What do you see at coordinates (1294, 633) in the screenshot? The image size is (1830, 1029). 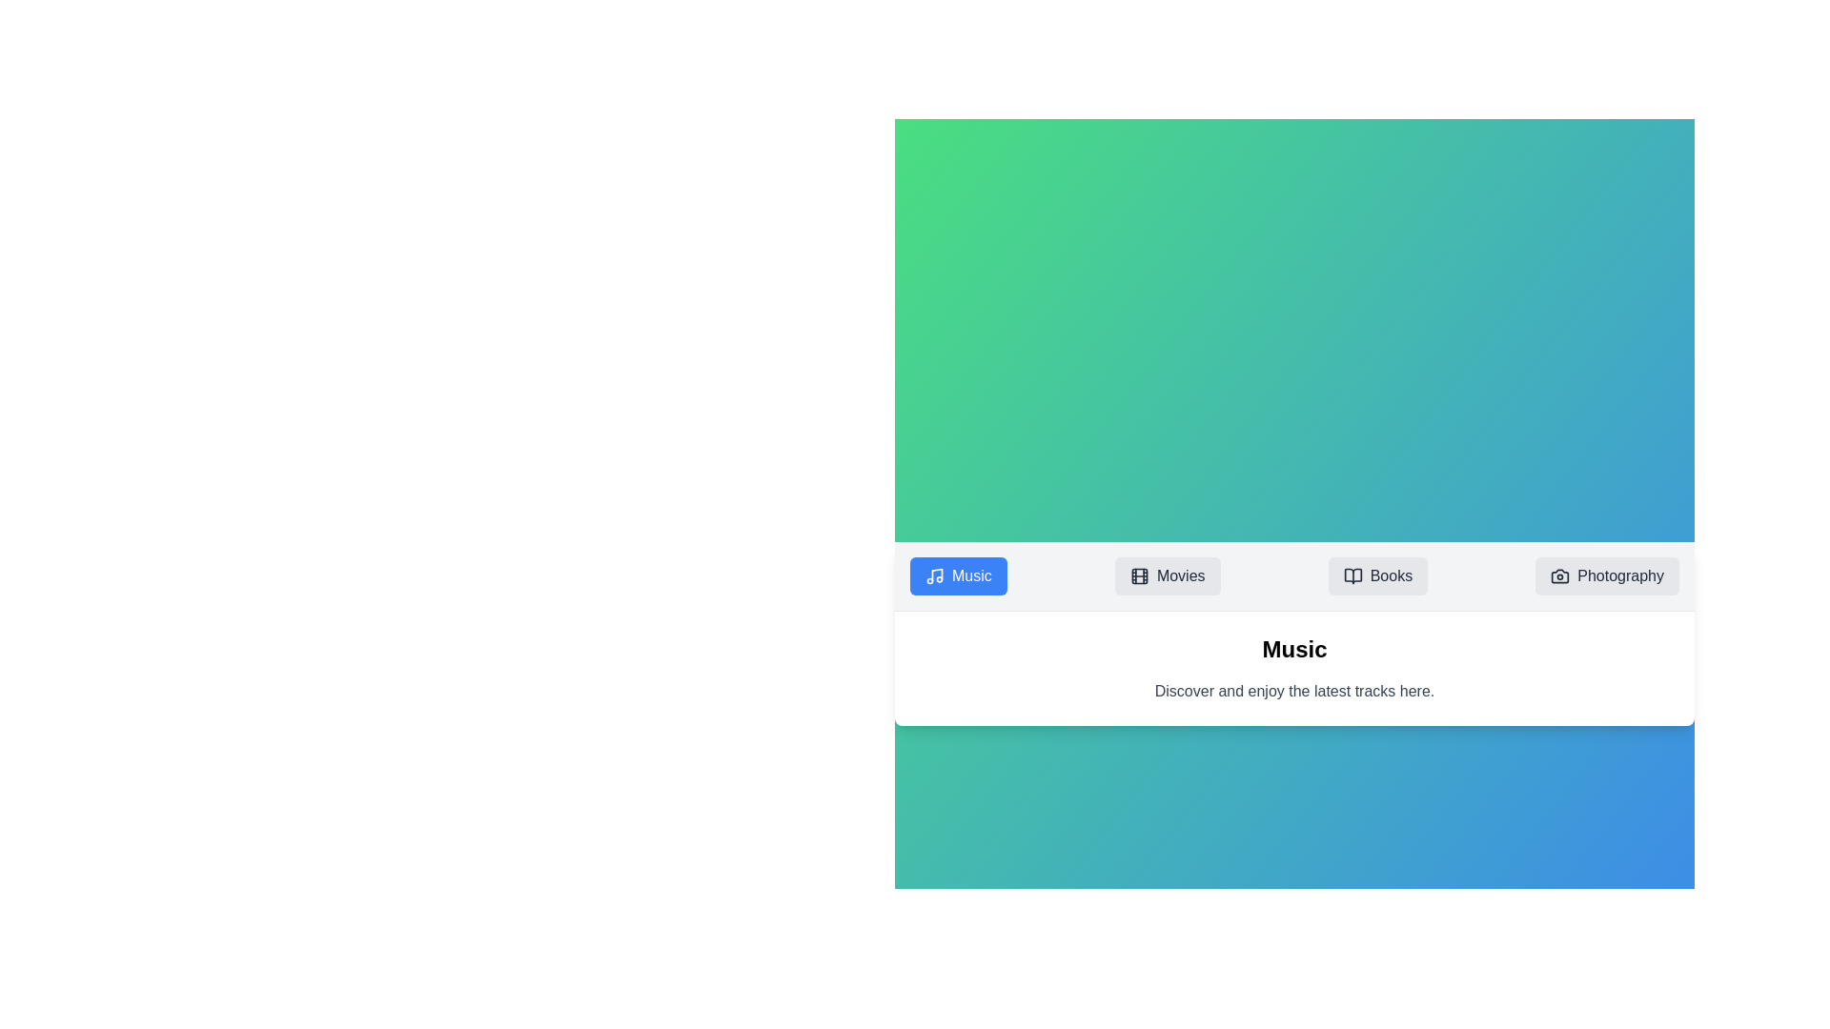 I see `the central content block that presents categorized options (Music, Movies, Books, Photography) and detailed content regarding 'Music' in its lower portion` at bounding box center [1294, 633].